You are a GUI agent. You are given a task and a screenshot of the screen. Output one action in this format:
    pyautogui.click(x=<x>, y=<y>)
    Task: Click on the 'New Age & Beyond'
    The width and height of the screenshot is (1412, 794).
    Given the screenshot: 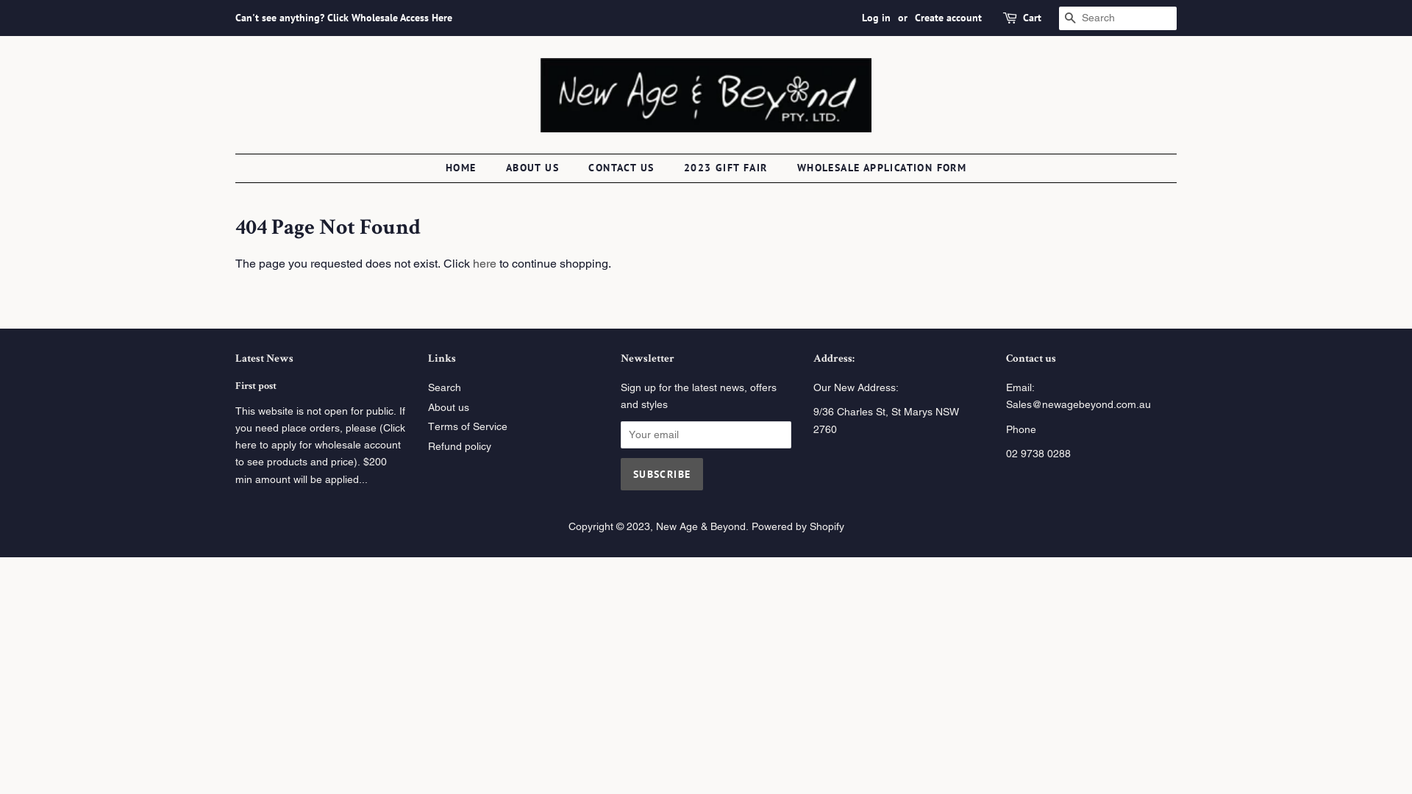 What is the action you would take?
    pyautogui.click(x=655, y=526)
    